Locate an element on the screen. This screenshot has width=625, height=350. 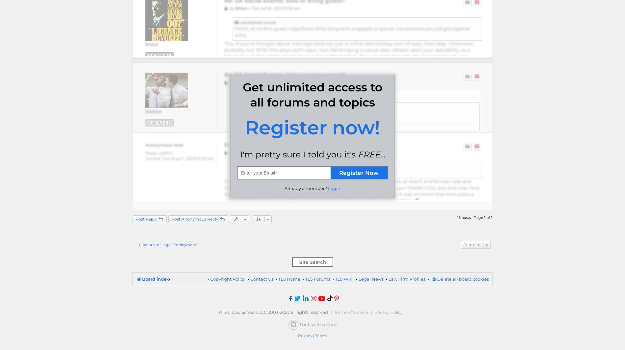
'Privacy' is located at coordinates (297, 336).